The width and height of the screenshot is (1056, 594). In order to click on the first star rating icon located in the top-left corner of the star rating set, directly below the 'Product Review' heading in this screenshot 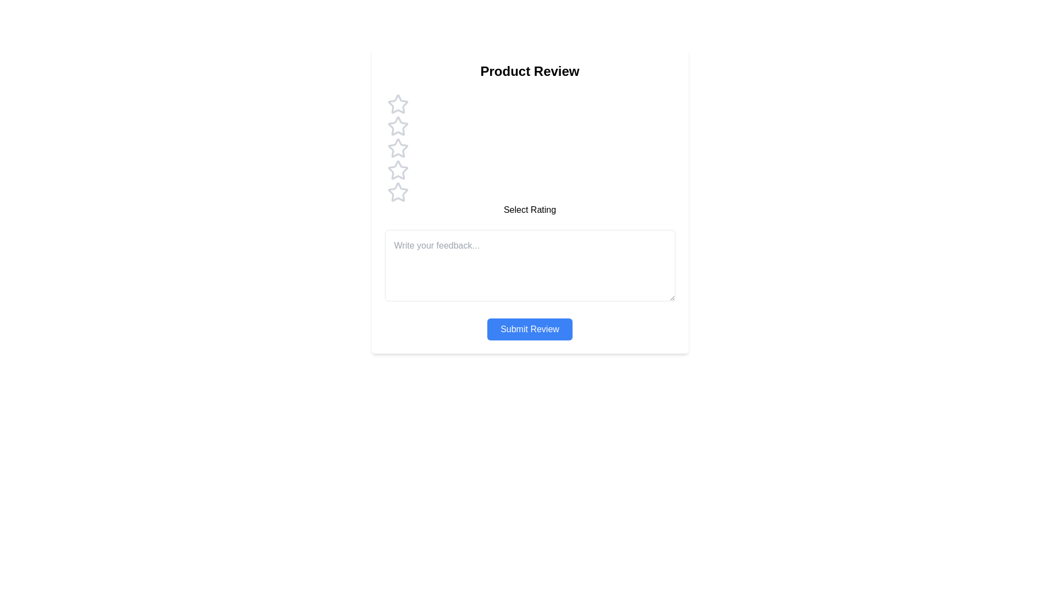, I will do `click(397, 104)`.